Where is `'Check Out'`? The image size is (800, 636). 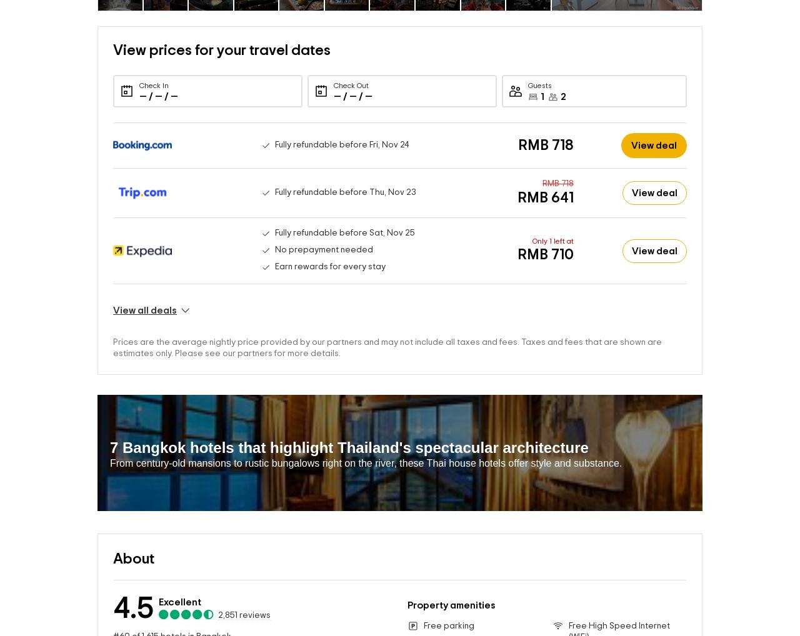
'Check Out' is located at coordinates (350, 64).